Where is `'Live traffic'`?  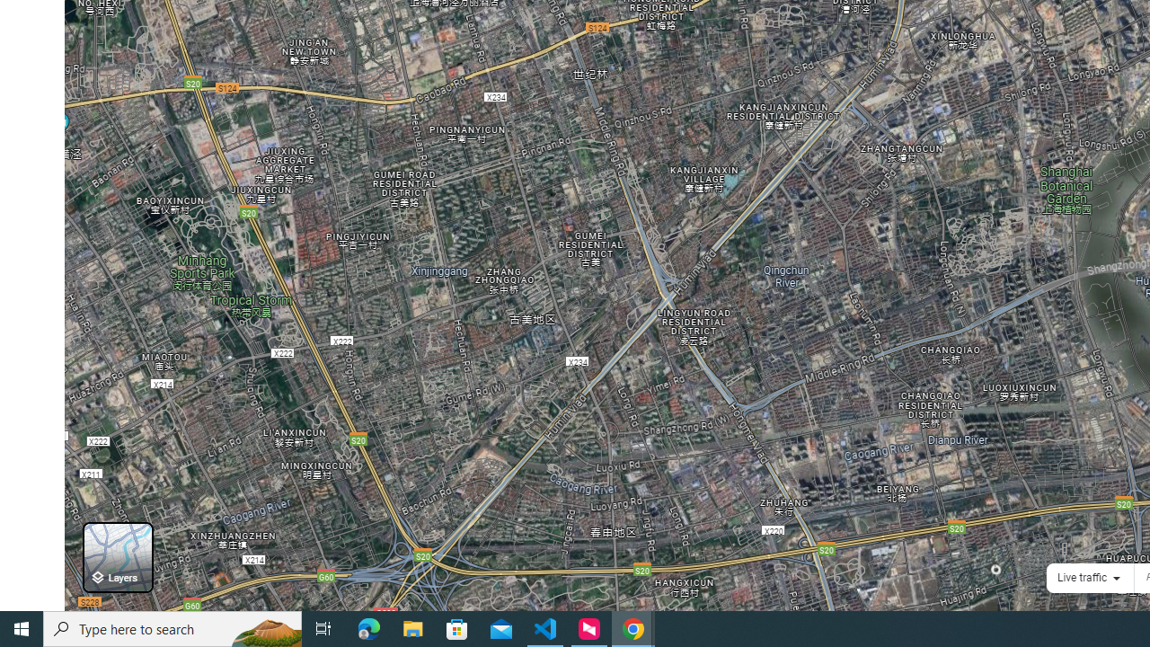 'Live traffic' is located at coordinates (1081, 577).